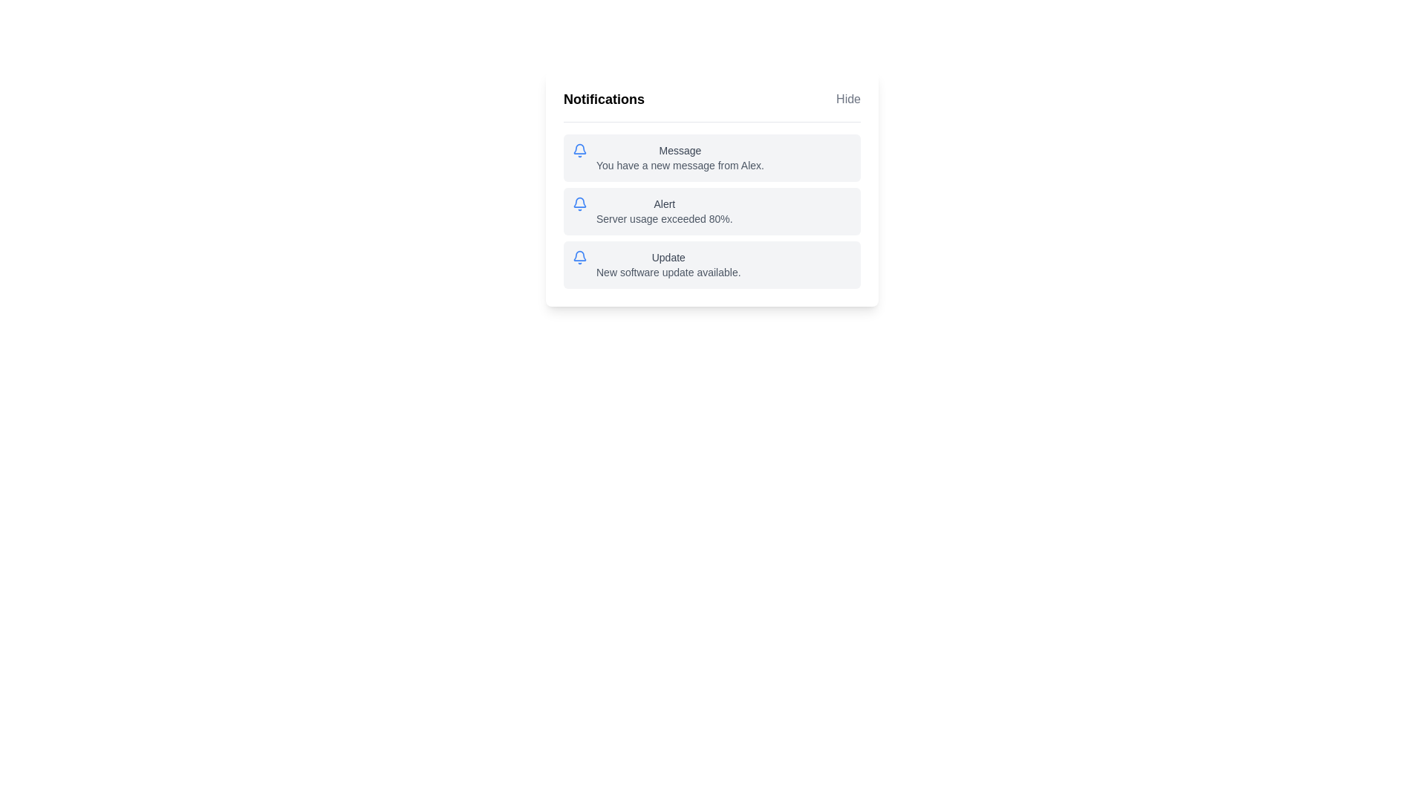 This screenshot has height=802, width=1426. I want to click on the Notification item that features a light gray background with rounded corners, a blue bell icon on the left, a bold headline 'Update', and a smaller description 'New software update available.', so click(712, 264).